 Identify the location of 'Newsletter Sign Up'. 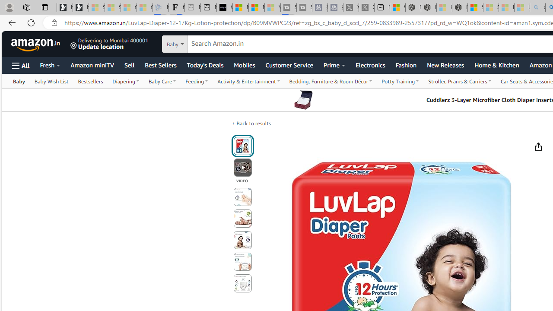
(80, 7).